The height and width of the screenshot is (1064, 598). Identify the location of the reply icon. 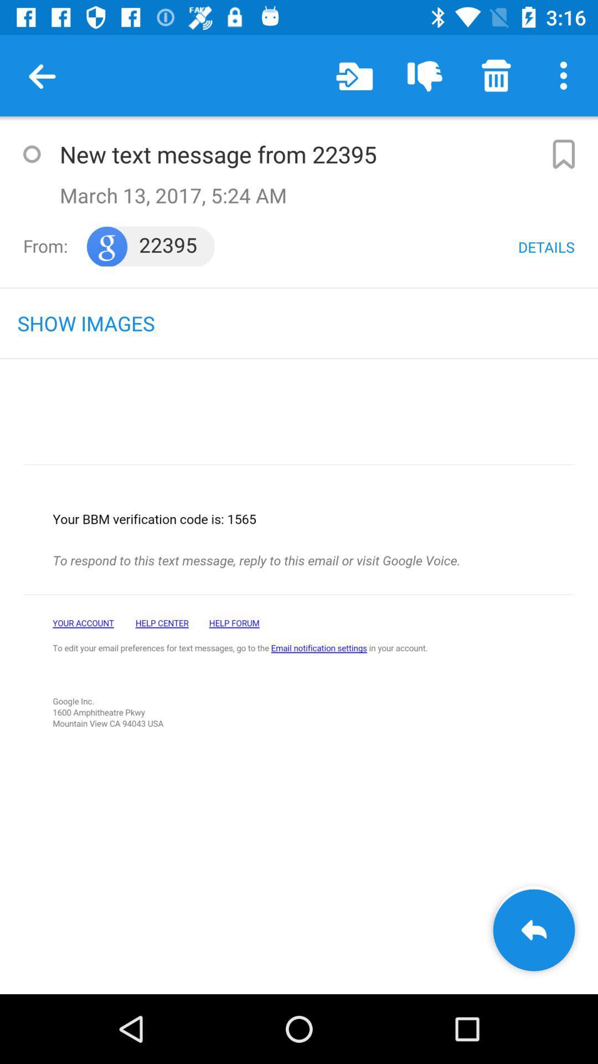
(533, 930).